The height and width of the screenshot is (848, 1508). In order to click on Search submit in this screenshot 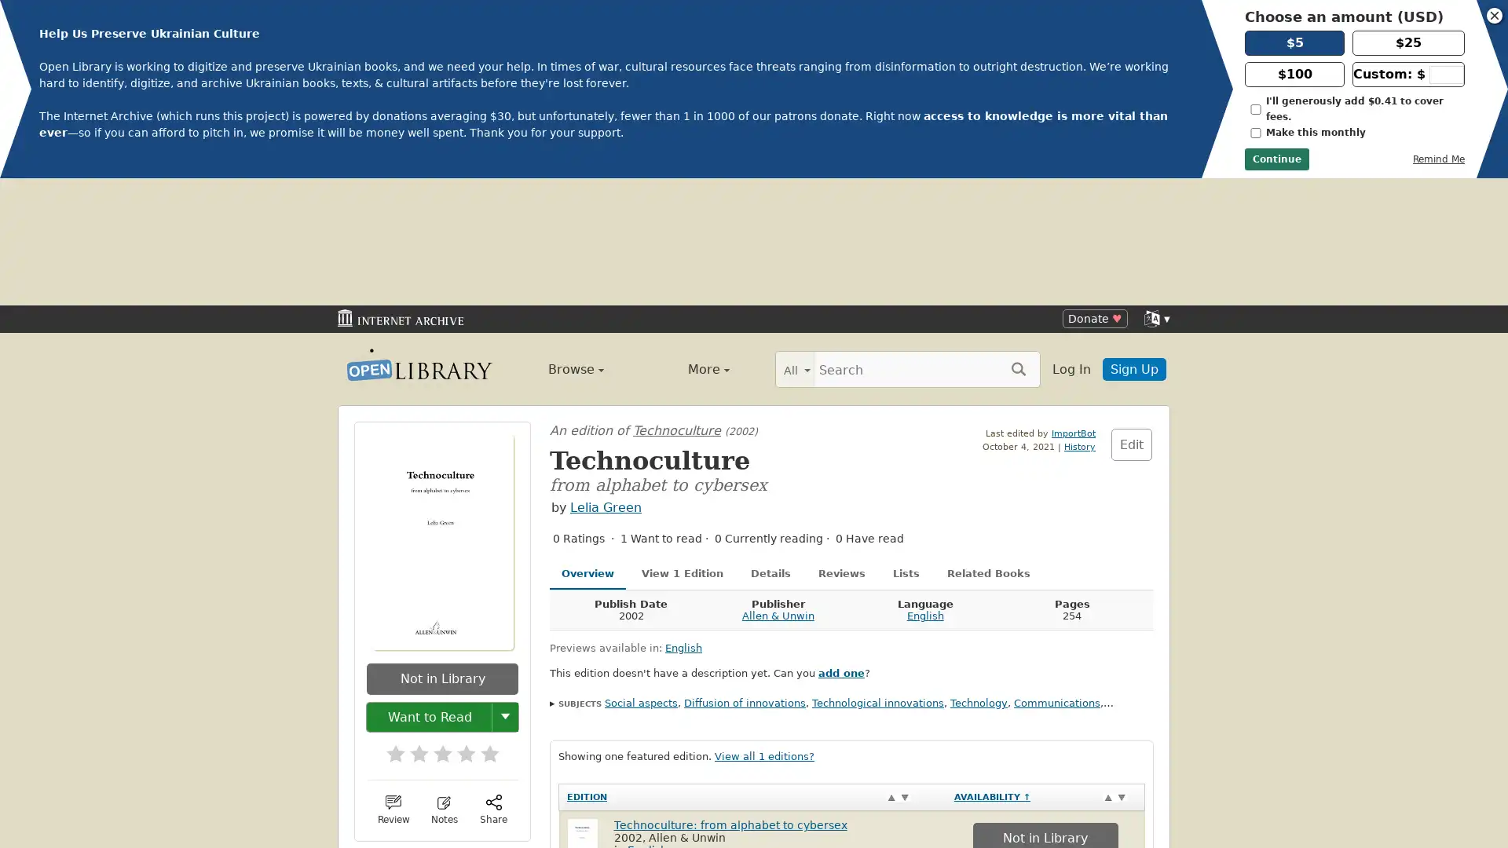, I will do `click(1018, 241)`.